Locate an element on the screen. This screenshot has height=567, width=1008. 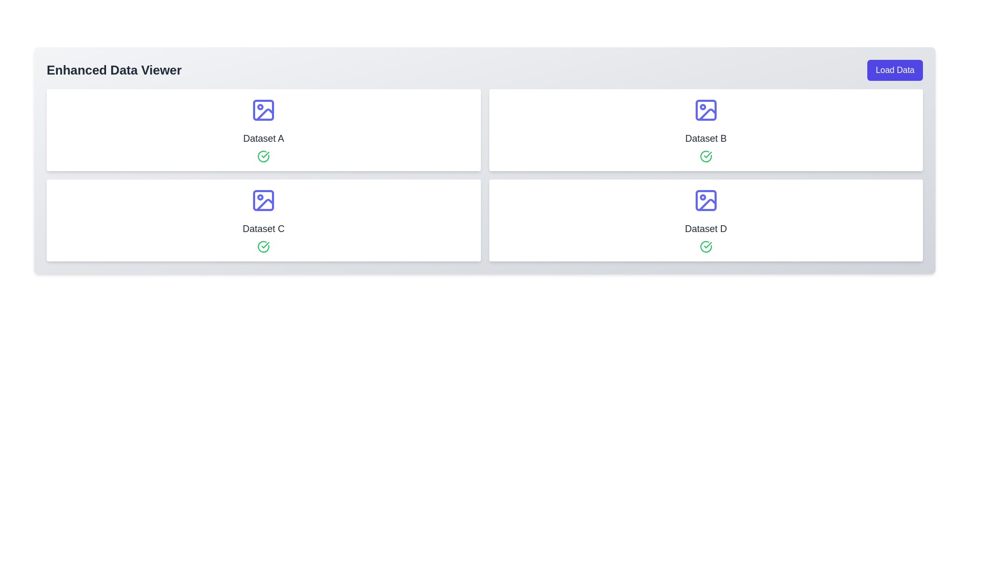
the green checkmark icon within the 'Dataset B' tile located in the top-right quadrant of the grid layout is located at coordinates (708, 154).